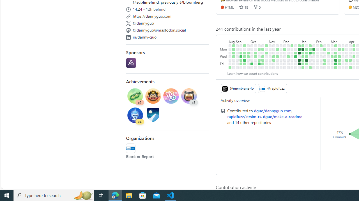 The image size is (359, 201). Describe the element at coordinates (339, 53) in the screenshot. I see `'No contributions on March 19th.'` at that location.